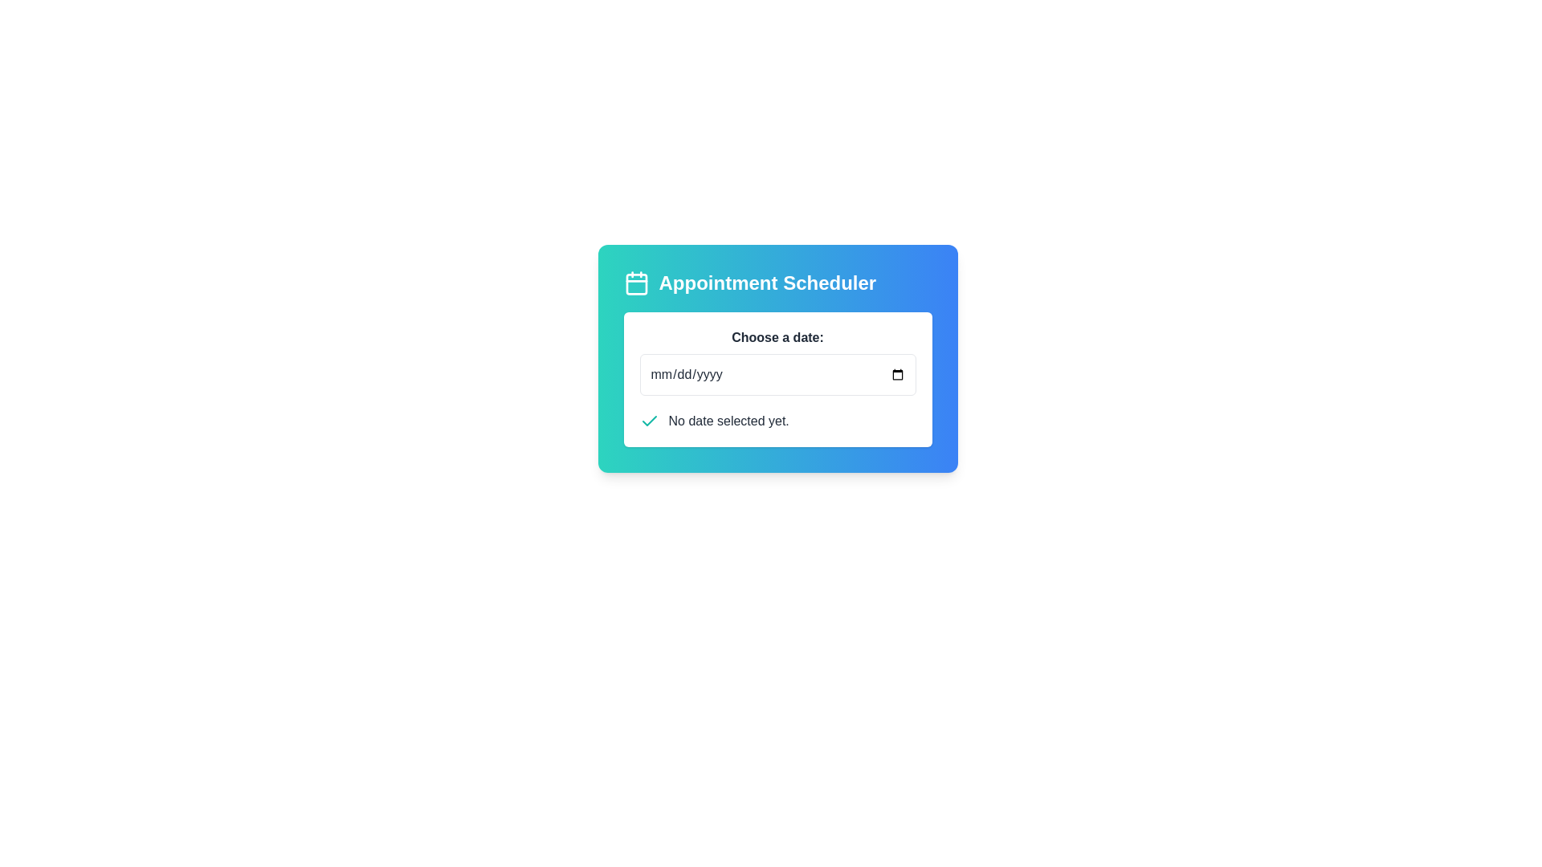  What do you see at coordinates (635, 283) in the screenshot?
I see `the graphical icon component that symbolizes dates or scheduling, located to the left of the text 'Appointment Scheduler' within a calendar-shaped SVG graphic` at bounding box center [635, 283].